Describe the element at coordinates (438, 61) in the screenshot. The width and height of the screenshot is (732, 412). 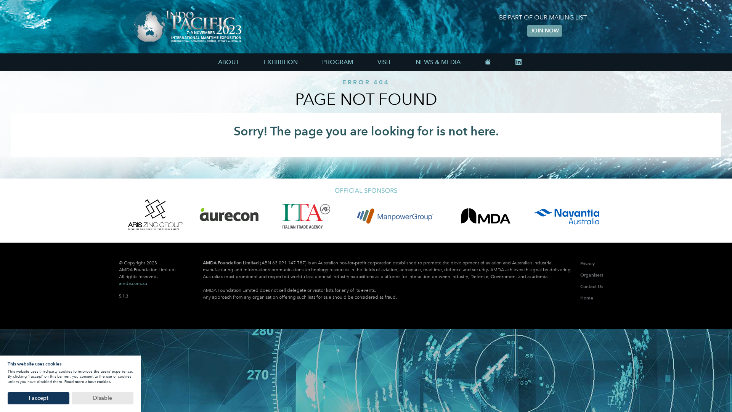
I see `'NEWS & MEDIA'` at that location.